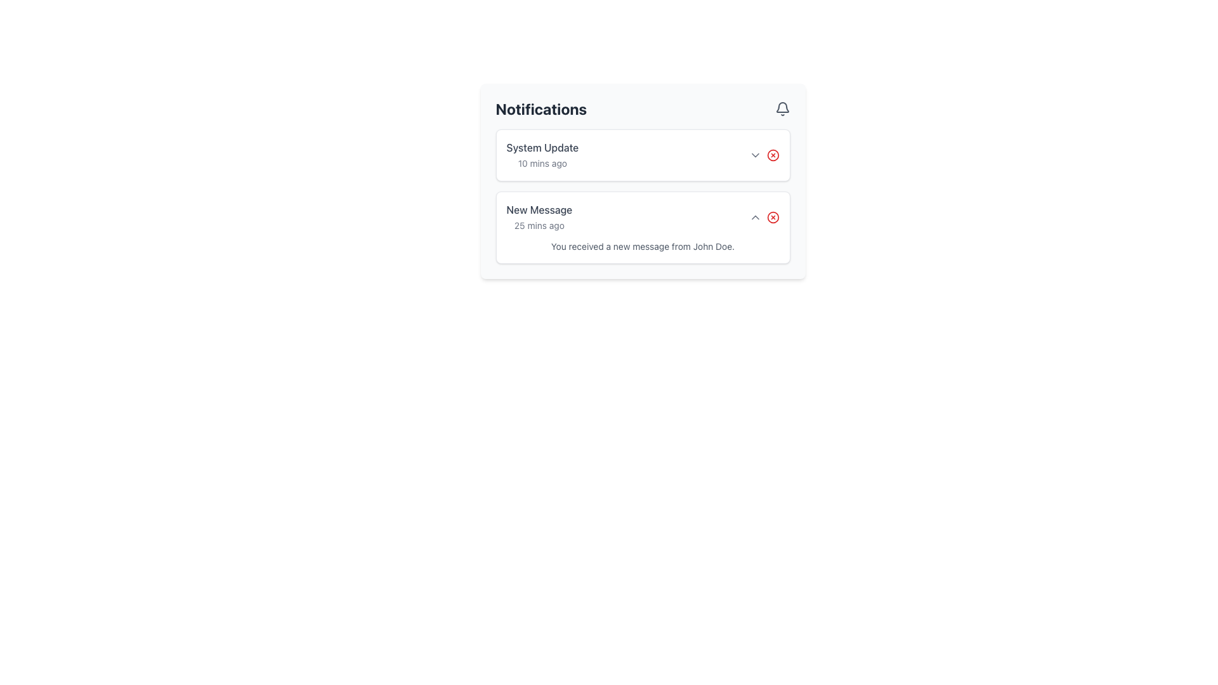 Image resolution: width=1218 pixels, height=685 pixels. Describe the element at coordinates (643, 155) in the screenshot. I see `the first notification in the notifications panel` at that location.